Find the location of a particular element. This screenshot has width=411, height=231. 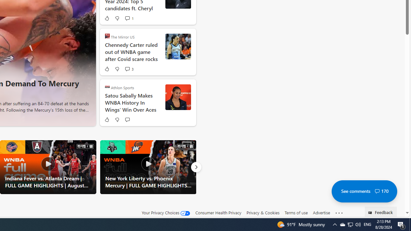

'Like' is located at coordinates (107, 119).